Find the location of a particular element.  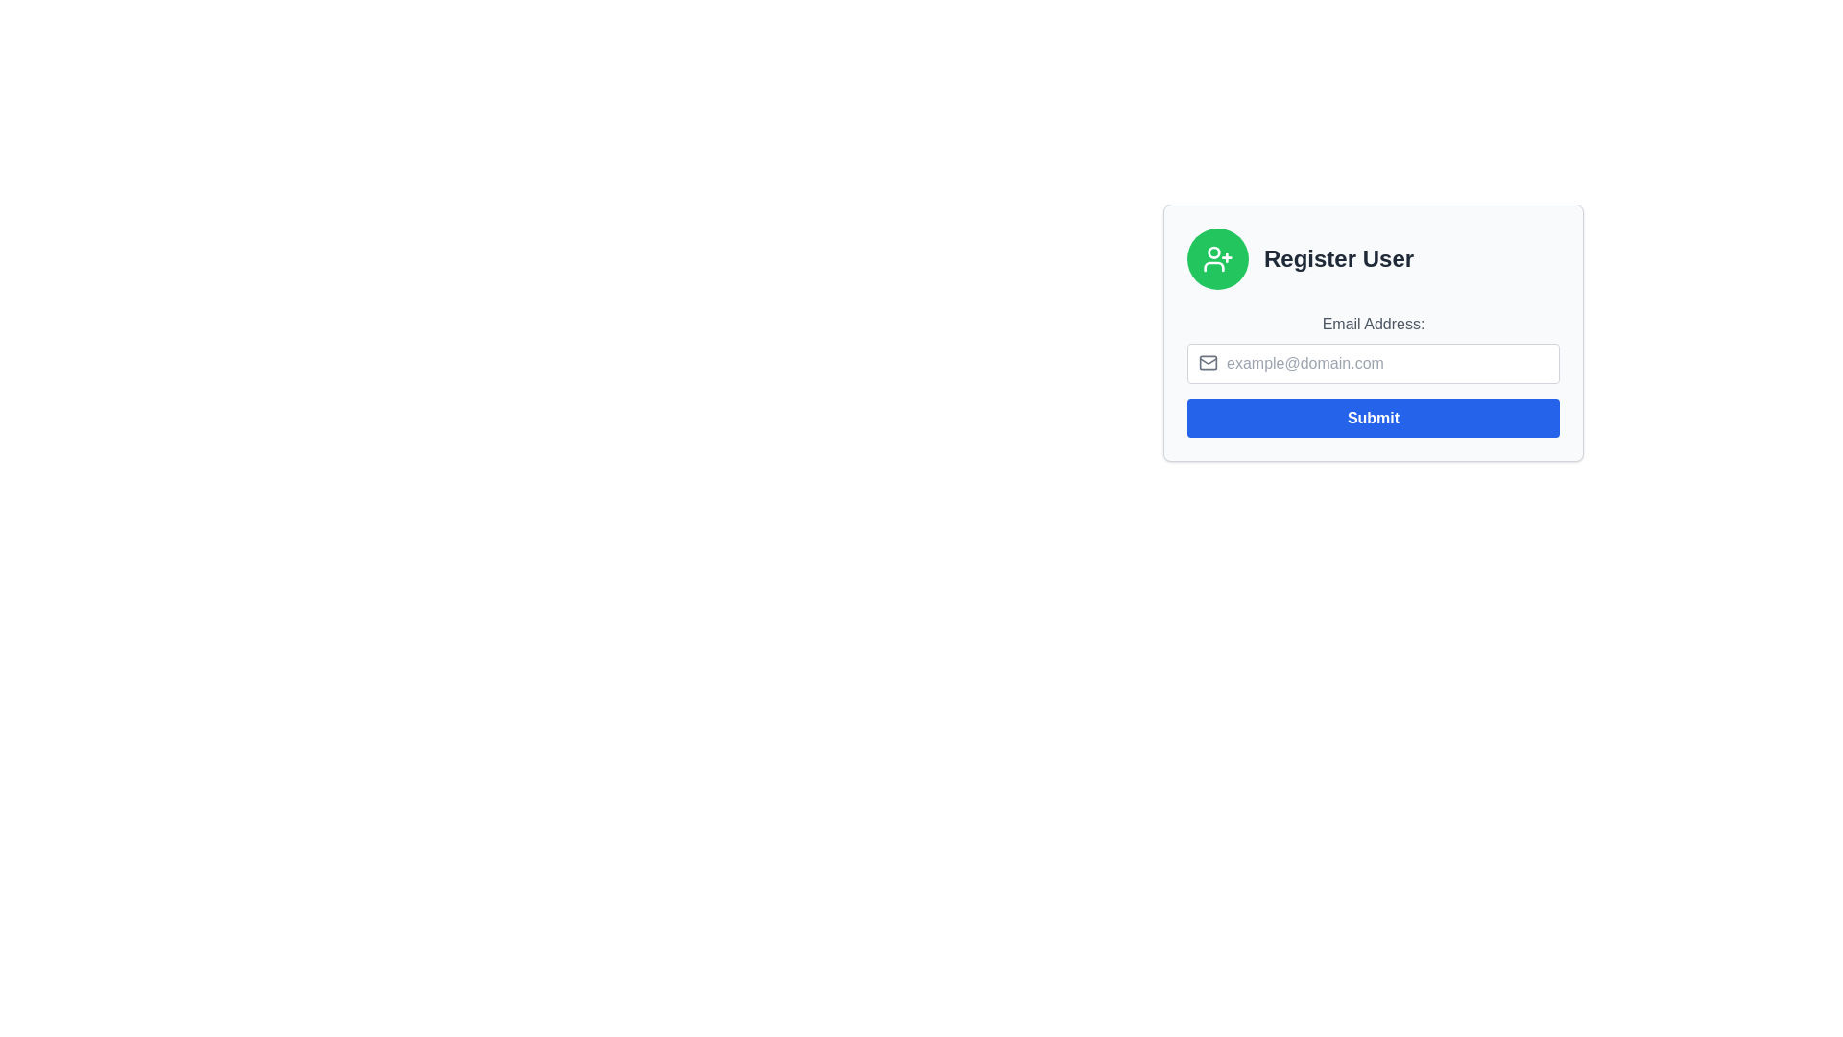

the label that identifies the associated email input field, which is positioned directly above the email entry input field is located at coordinates (1372, 324).